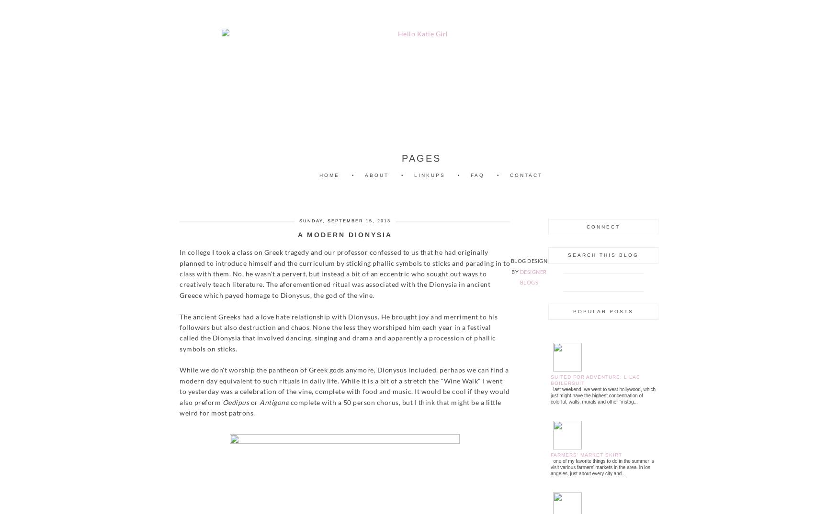 Image resolution: width=838 pixels, height=514 pixels. What do you see at coordinates (340, 407) in the screenshot?
I see `'complete with a 50 person chorus, but I think that might be a little weird for most patrons.'` at bounding box center [340, 407].